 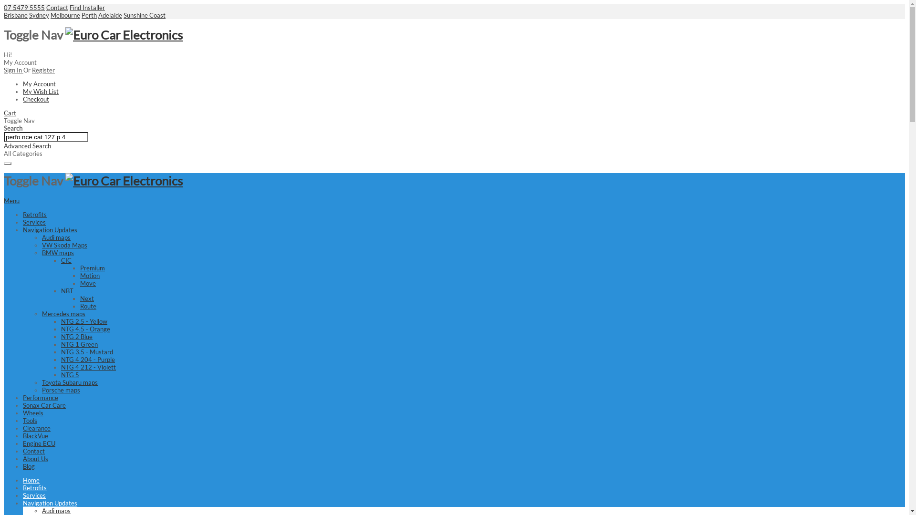 I want to click on 'Navigation Updates', so click(x=50, y=503).